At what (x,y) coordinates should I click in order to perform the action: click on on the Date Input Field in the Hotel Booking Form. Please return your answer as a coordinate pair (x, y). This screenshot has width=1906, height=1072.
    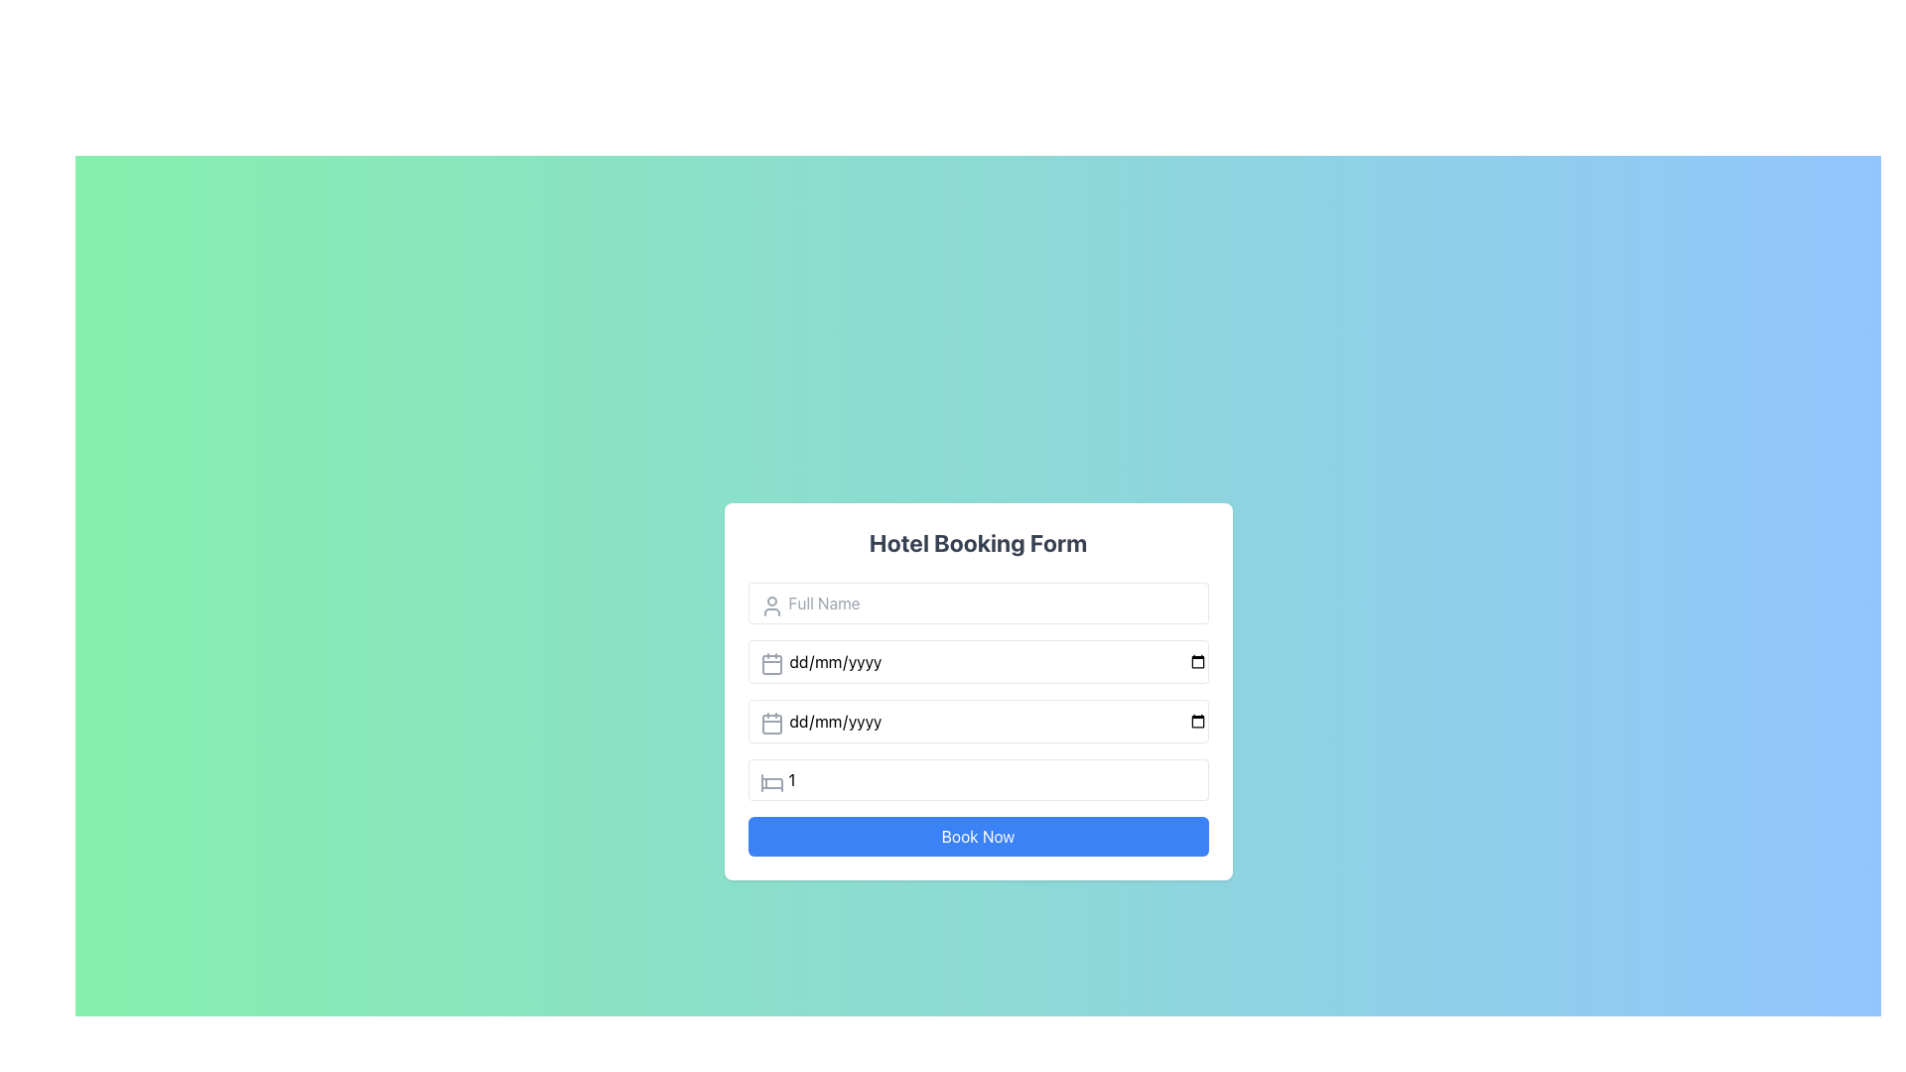
    Looking at the image, I should click on (978, 662).